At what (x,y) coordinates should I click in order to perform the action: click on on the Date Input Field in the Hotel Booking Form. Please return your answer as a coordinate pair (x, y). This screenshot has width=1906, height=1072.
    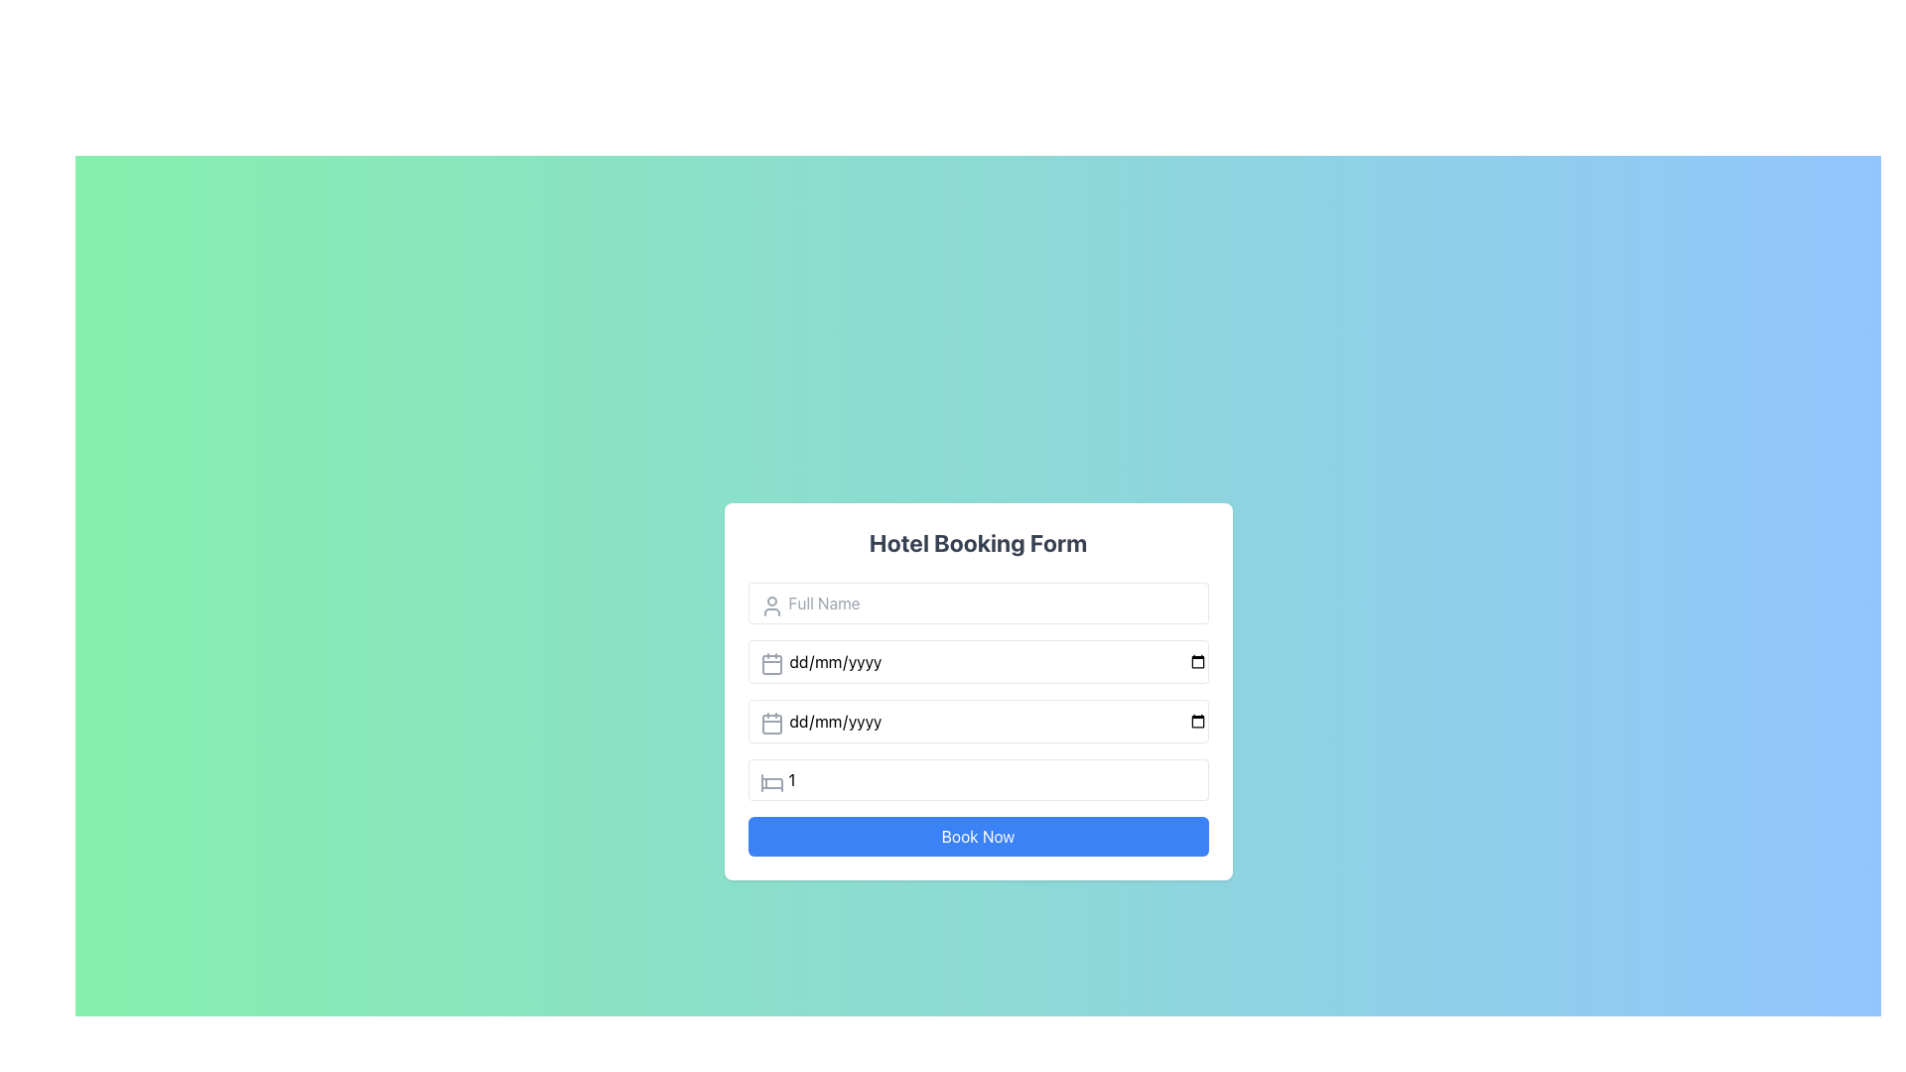
    Looking at the image, I should click on (978, 662).